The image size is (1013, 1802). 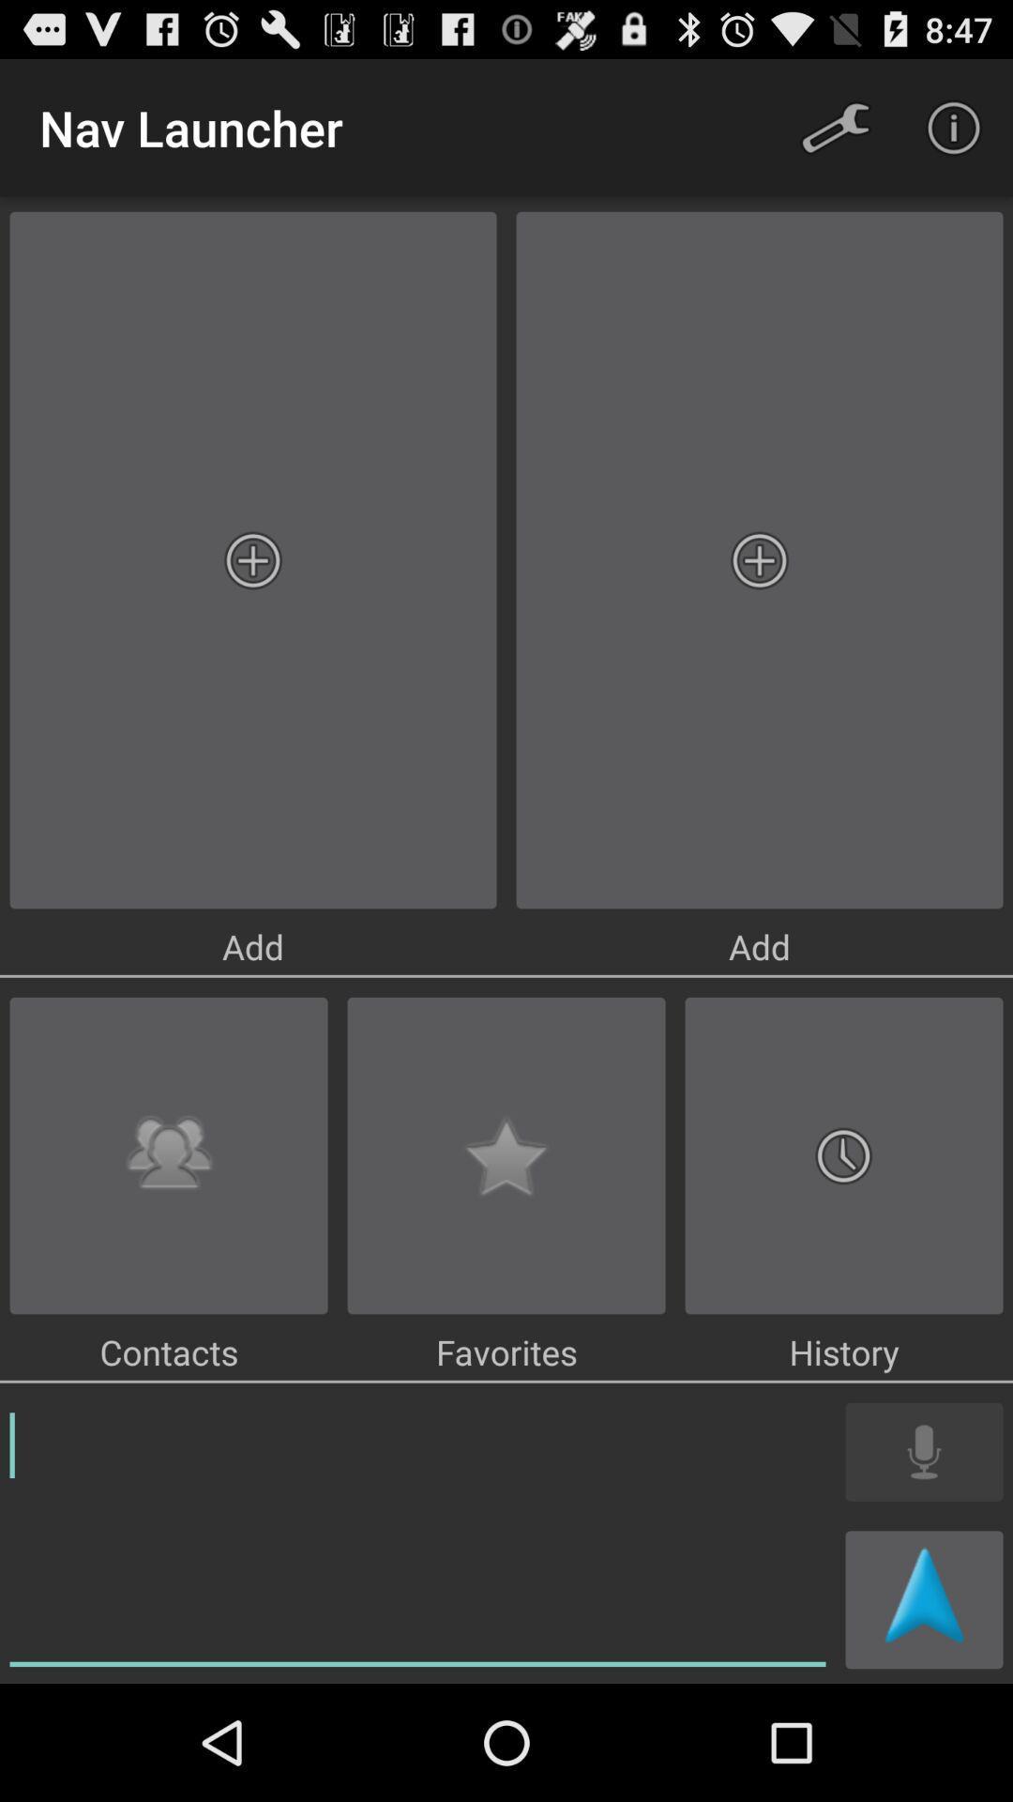 What do you see at coordinates (416, 1535) in the screenshot?
I see `a note` at bounding box center [416, 1535].